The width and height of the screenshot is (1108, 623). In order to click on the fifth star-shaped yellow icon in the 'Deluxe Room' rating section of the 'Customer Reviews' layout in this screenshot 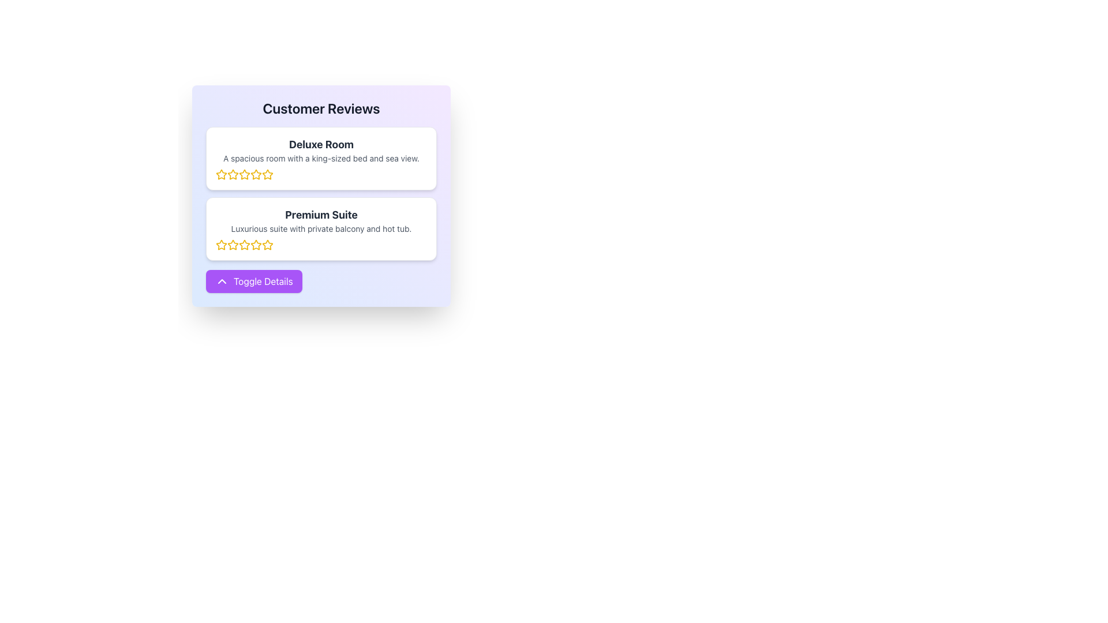, I will do `click(267, 175)`.